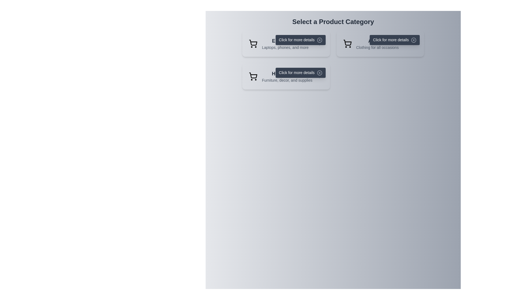 Image resolution: width=525 pixels, height=295 pixels. Describe the element at coordinates (320, 76) in the screenshot. I see `the right-pointing chevron icon within the 'Click for more details' button for the 'Home' category` at that location.